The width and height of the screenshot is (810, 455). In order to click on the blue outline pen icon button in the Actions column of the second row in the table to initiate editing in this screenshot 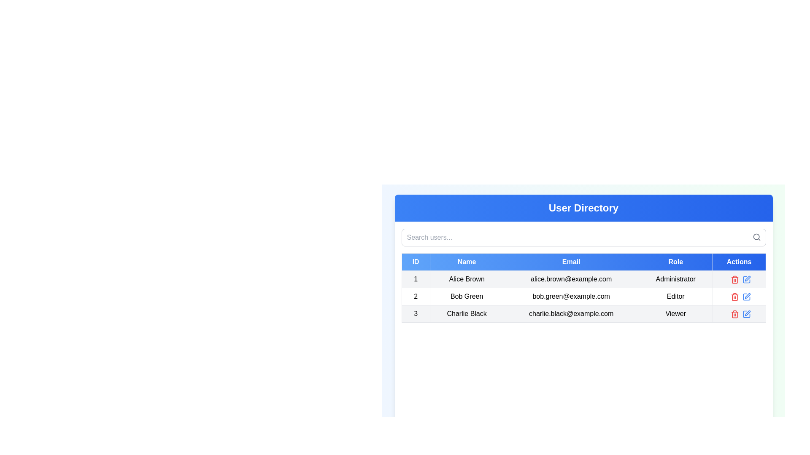, I will do `click(747, 296)`.